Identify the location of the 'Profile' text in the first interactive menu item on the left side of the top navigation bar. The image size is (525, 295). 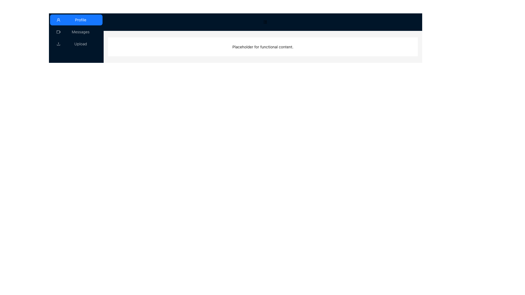
(80, 20).